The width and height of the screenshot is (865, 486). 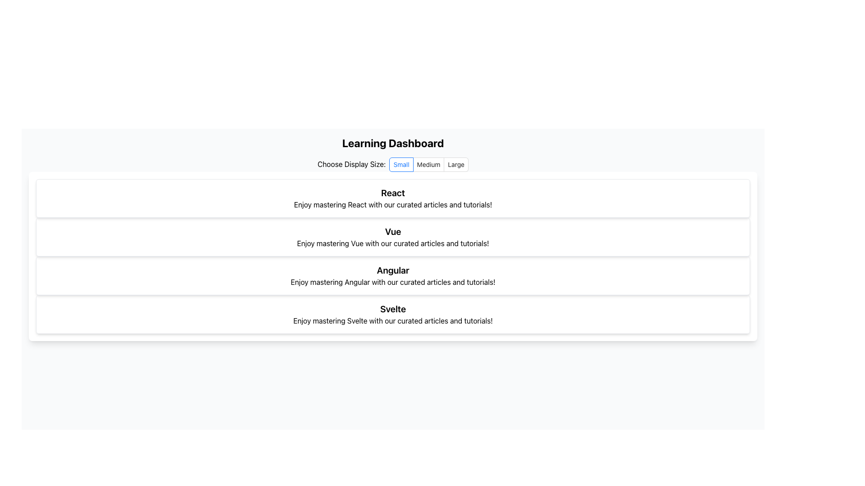 I want to click on the 'Small' display size radio button in the 'Choose Display Size:' group, so click(x=401, y=165).